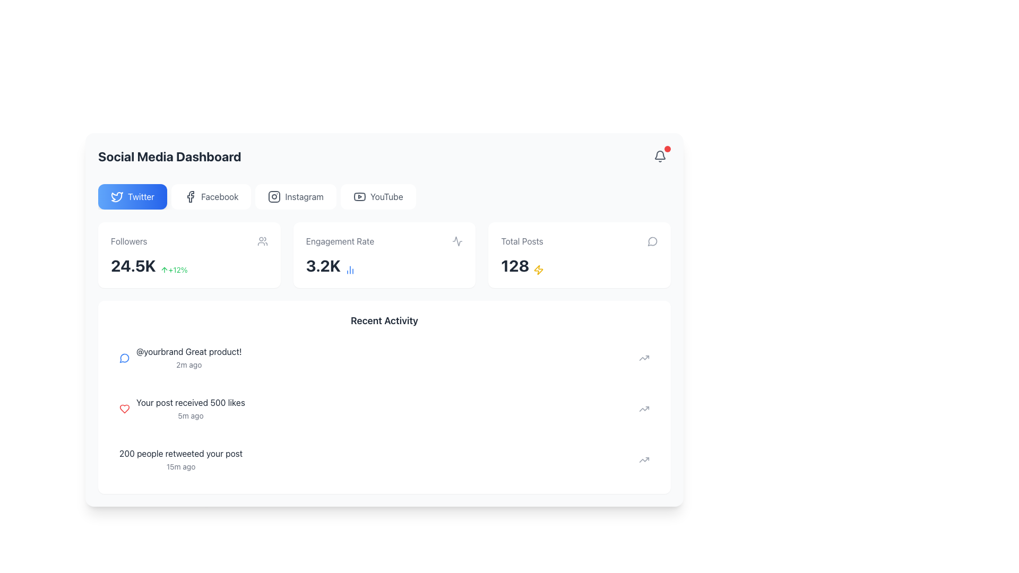 The image size is (1019, 573). Describe the element at coordinates (189, 352) in the screenshot. I see `the text snippet '@yourbrand Great product!' in the 'Recent Activity' section, which is styled in dark gray font and positioned above the timestamp` at that location.